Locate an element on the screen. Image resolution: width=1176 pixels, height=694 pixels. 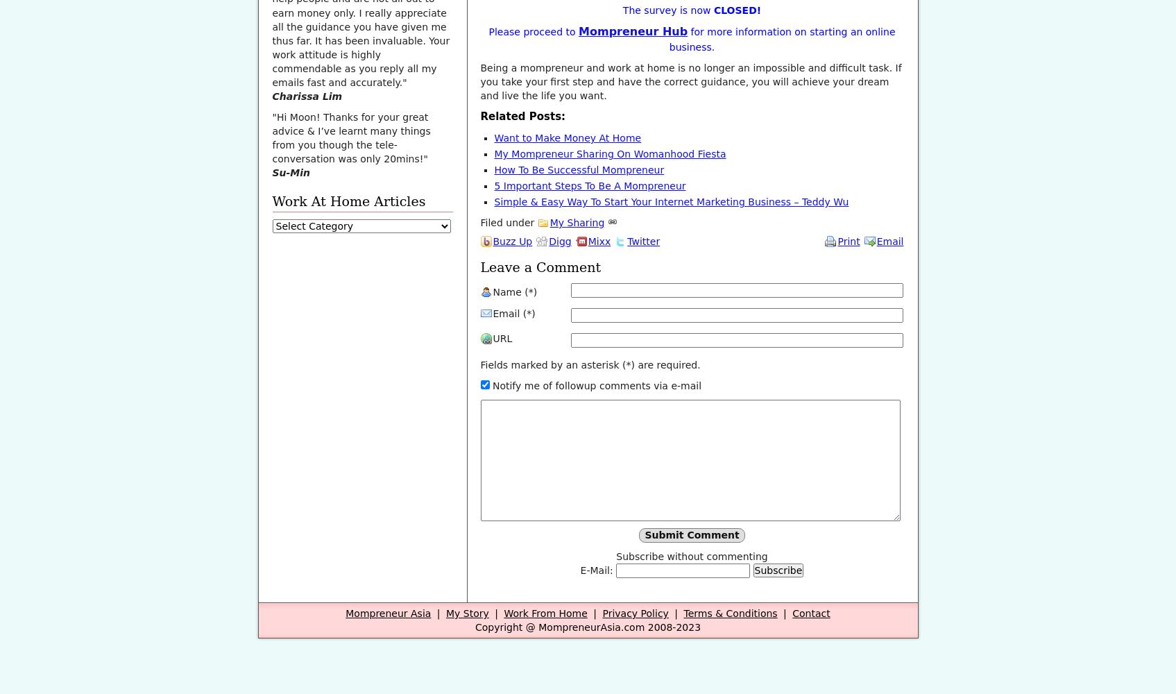
'My Sharing' is located at coordinates (577, 222).